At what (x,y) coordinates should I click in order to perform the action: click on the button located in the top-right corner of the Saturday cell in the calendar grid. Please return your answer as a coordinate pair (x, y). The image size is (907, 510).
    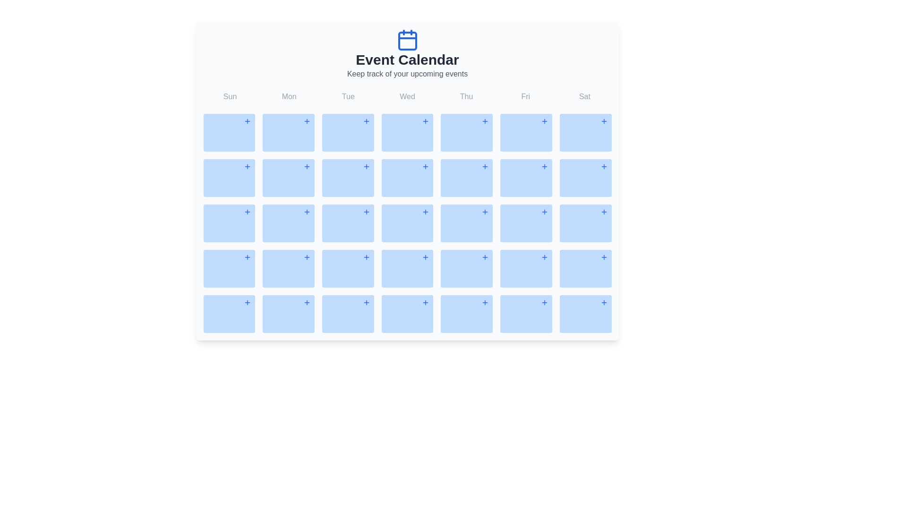
    Looking at the image, I should click on (603, 166).